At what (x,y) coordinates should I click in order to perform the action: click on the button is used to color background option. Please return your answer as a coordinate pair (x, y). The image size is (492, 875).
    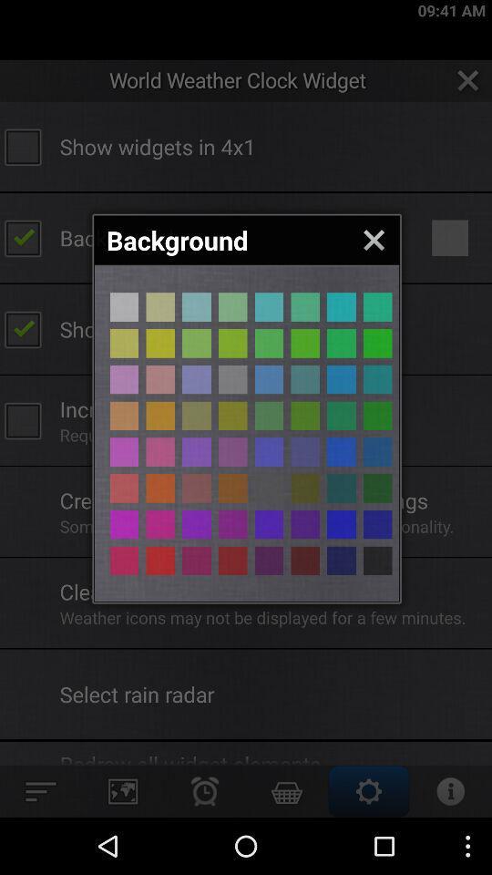
    Looking at the image, I should click on (376, 307).